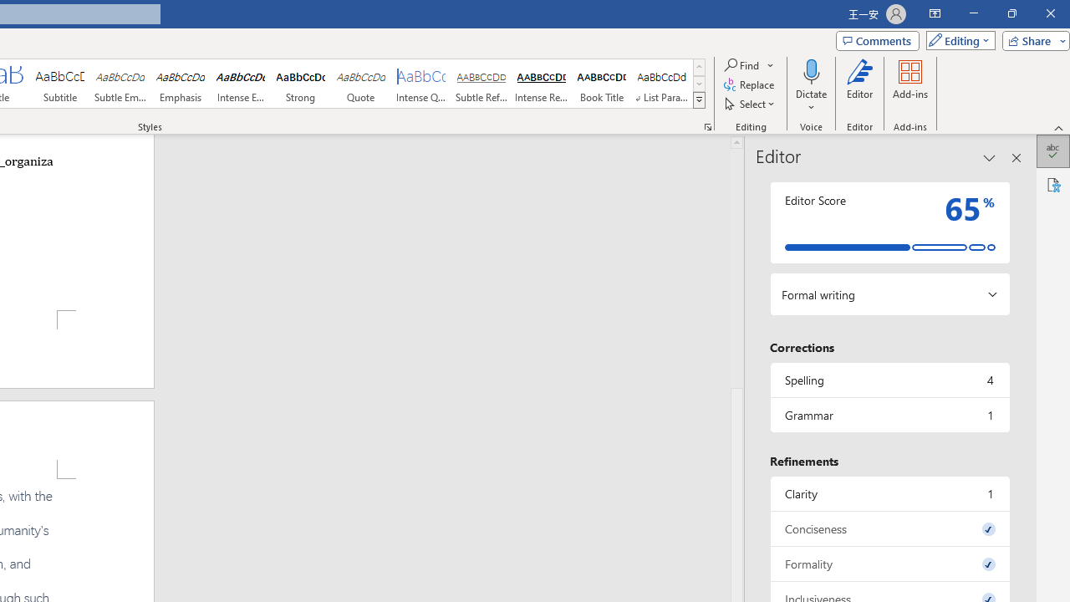 Image resolution: width=1070 pixels, height=602 pixels. I want to click on 'Collapse the Ribbon', so click(1058, 127).